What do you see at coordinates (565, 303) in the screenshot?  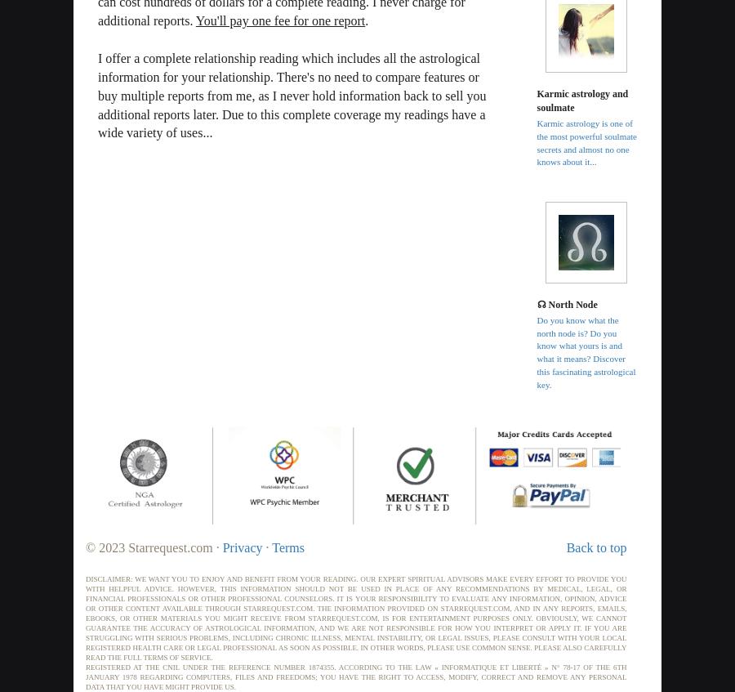 I see `'☊ North Node'` at bounding box center [565, 303].